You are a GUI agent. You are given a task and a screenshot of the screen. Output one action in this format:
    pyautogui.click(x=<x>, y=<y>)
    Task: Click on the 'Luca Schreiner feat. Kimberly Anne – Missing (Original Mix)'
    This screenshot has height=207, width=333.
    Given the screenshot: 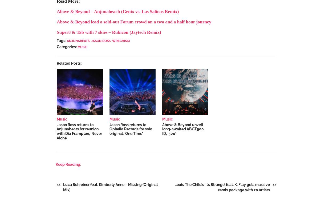 What is the action you would take?
    pyautogui.click(x=110, y=187)
    